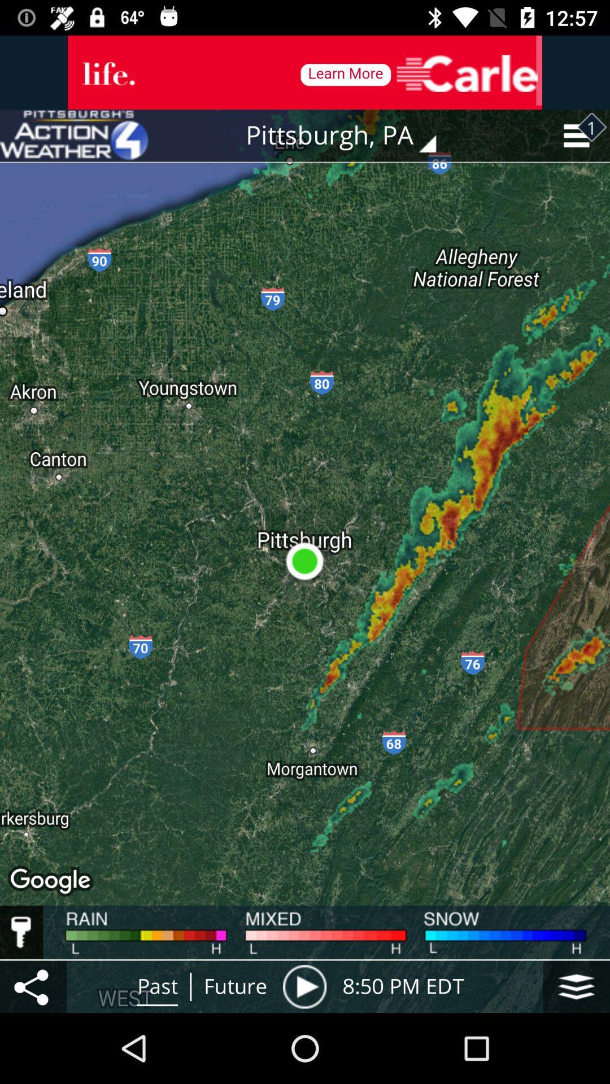 This screenshot has width=610, height=1084. Describe the element at coordinates (304, 986) in the screenshot. I see `press play` at that location.